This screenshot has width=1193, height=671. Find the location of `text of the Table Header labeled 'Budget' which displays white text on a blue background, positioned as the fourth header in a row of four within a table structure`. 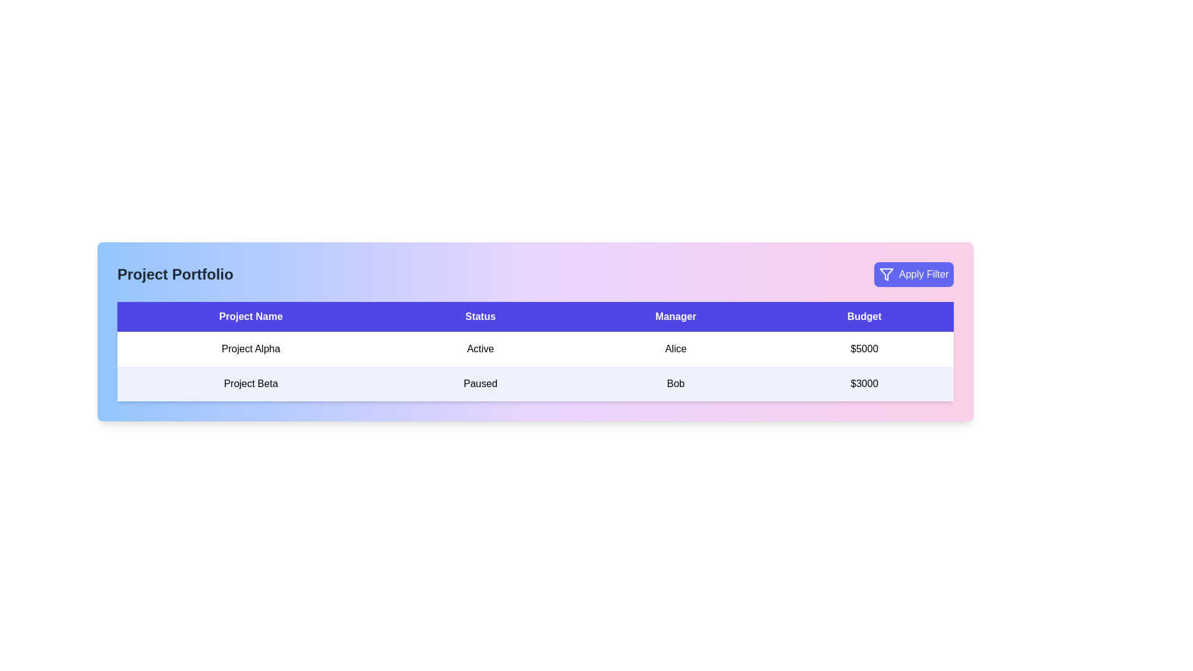

text of the Table Header labeled 'Budget' which displays white text on a blue background, positioned as the fourth header in a row of four within a table structure is located at coordinates (864, 316).